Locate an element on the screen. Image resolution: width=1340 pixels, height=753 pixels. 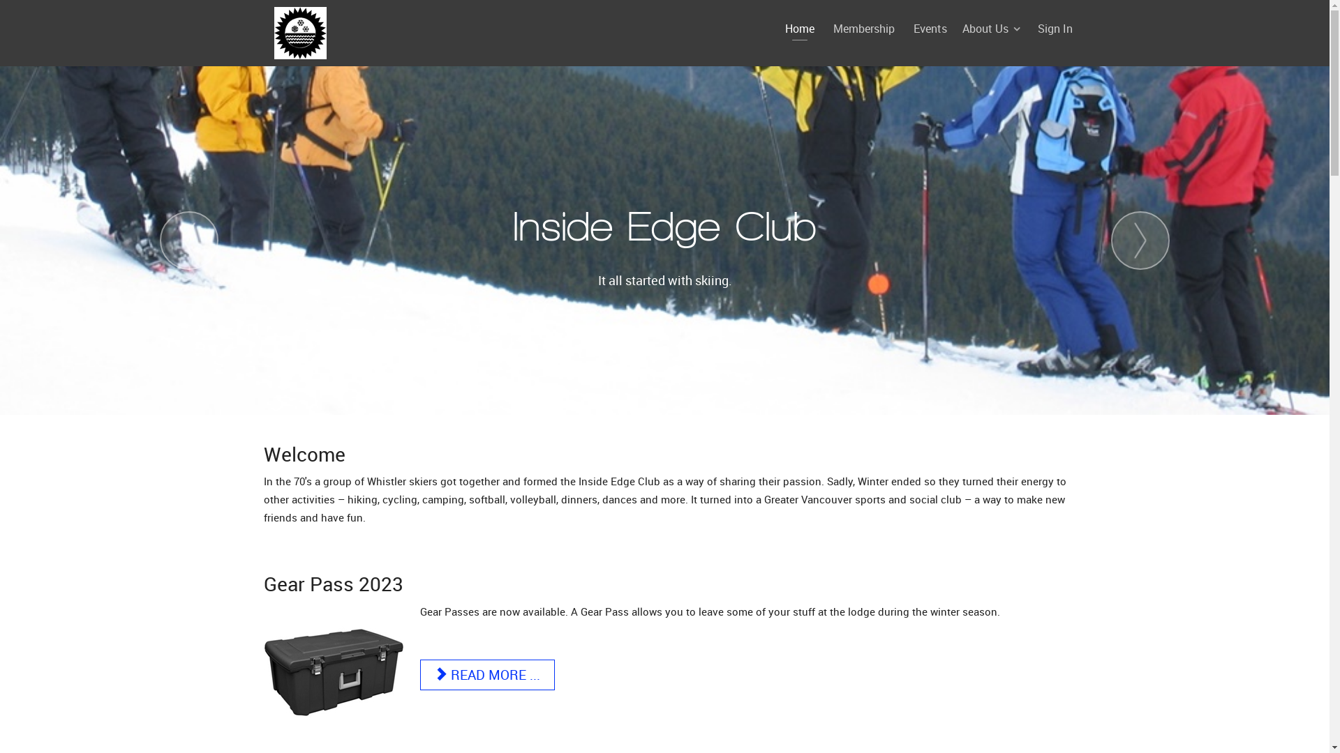
'Home' is located at coordinates (799, 29).